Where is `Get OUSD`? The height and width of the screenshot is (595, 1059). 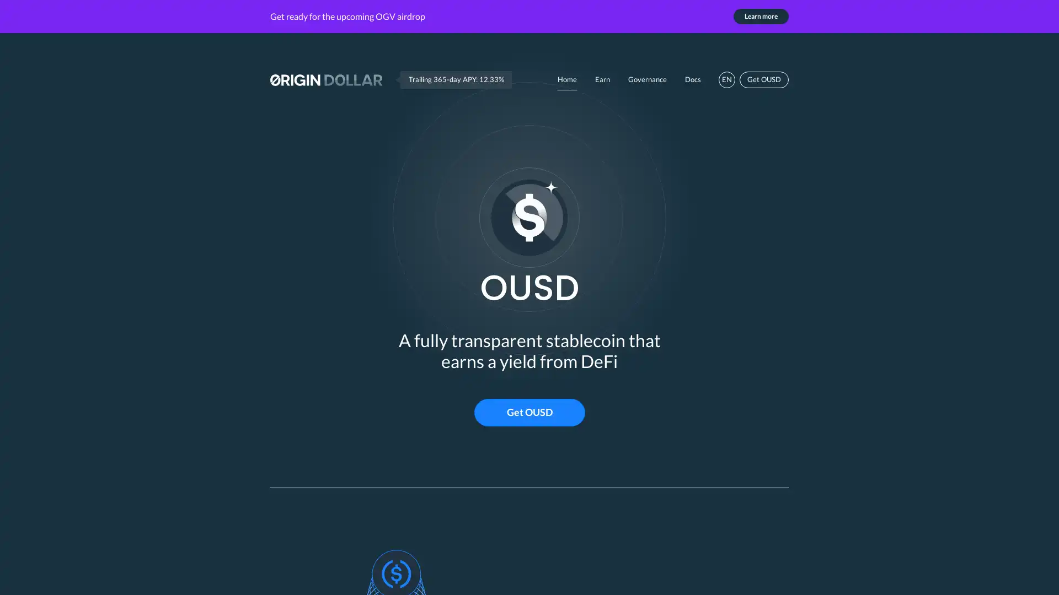
Get OUSD is located at coordinates (528, 412).